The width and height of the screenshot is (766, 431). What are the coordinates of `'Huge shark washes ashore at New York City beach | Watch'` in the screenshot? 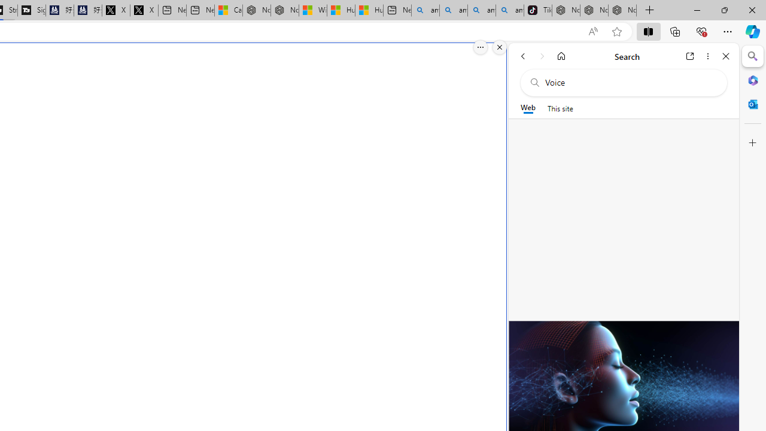 It's located at (368, 10).